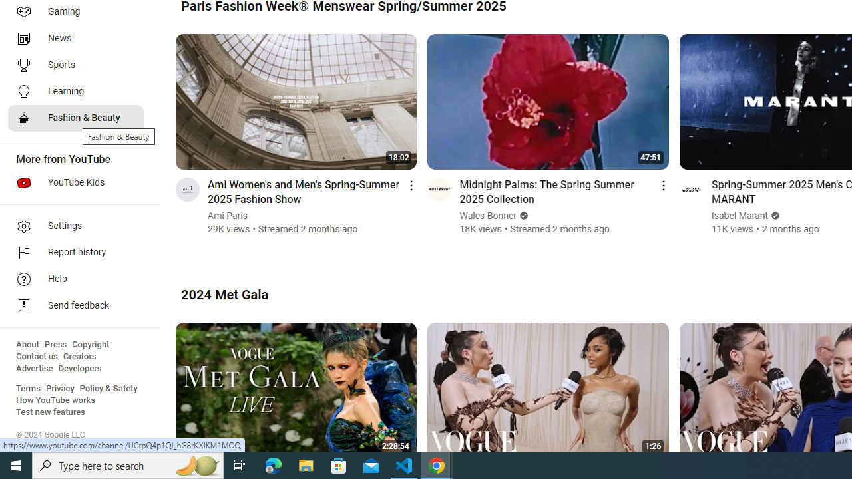 Image resolution: width=852 pixels, height=479 pixels. What do you see at coordinates (75, 117) in the screenshot?
I see `'Fashion & Beauty'` at bounding box center [75, 117].